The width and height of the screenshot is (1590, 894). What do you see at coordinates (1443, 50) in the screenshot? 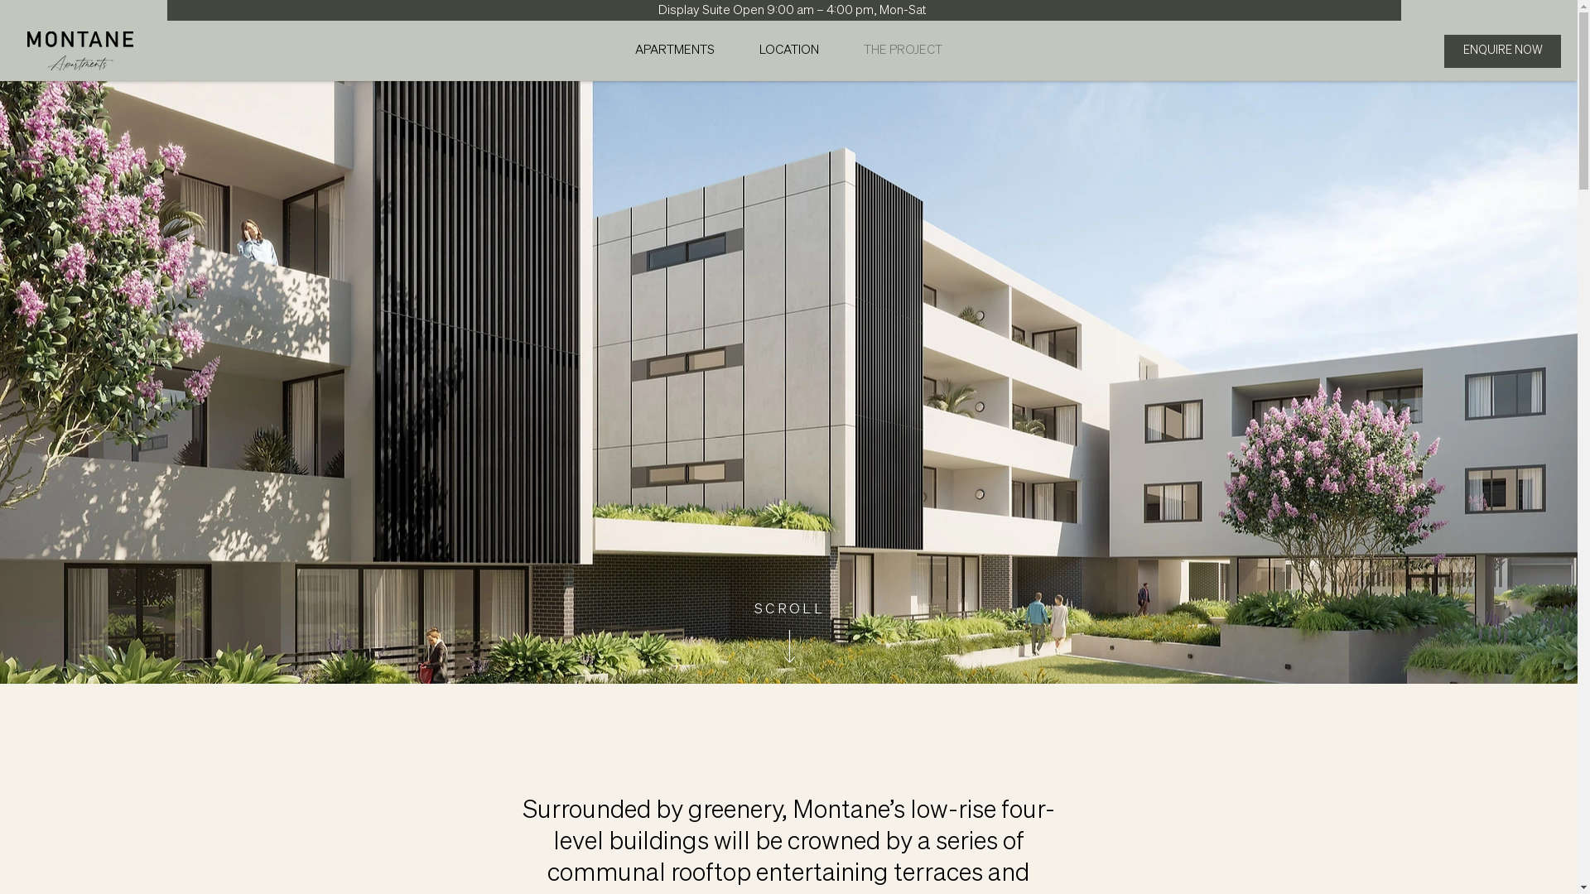
I see `'ENQUIRE NOW'` at bounding box center [1443, 50].